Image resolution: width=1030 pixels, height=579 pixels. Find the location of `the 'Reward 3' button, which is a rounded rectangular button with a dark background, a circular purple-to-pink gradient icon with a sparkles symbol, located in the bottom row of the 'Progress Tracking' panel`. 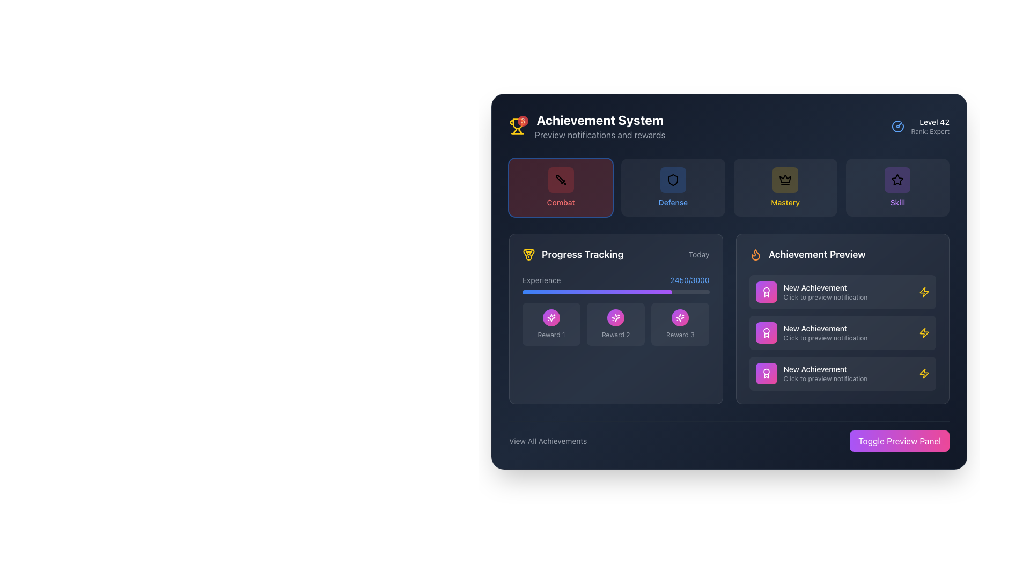

the 'Reward 3' button, which is a rounded rectangular button with a dark background, a circular purple-to-pink gradient icon with a sparkles symbol, located in the bottom row of the 'Progress Tracking' panel is located at coordinates (680, 324).